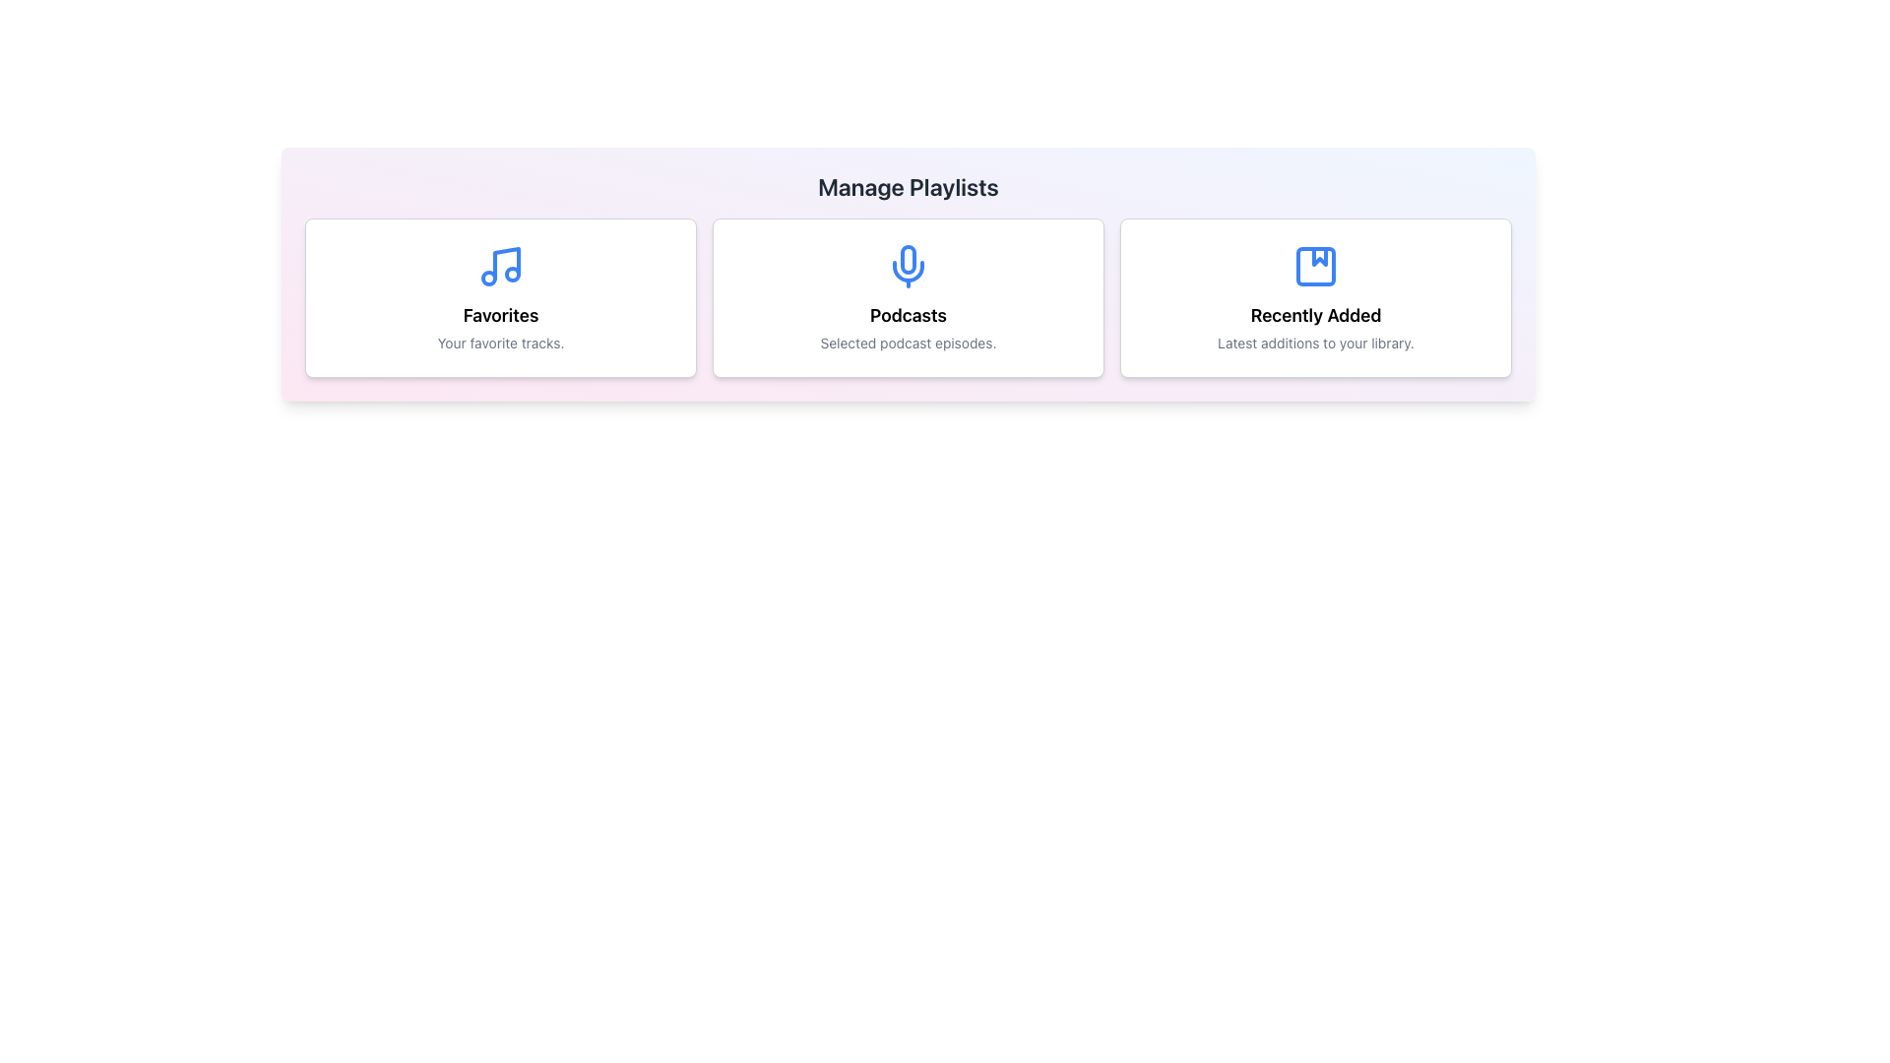  Describe the element at coordinates (1316, 266) in the screenshot. I see `the blue album-shaped icon located above the text 'Recently Added'` at that location.